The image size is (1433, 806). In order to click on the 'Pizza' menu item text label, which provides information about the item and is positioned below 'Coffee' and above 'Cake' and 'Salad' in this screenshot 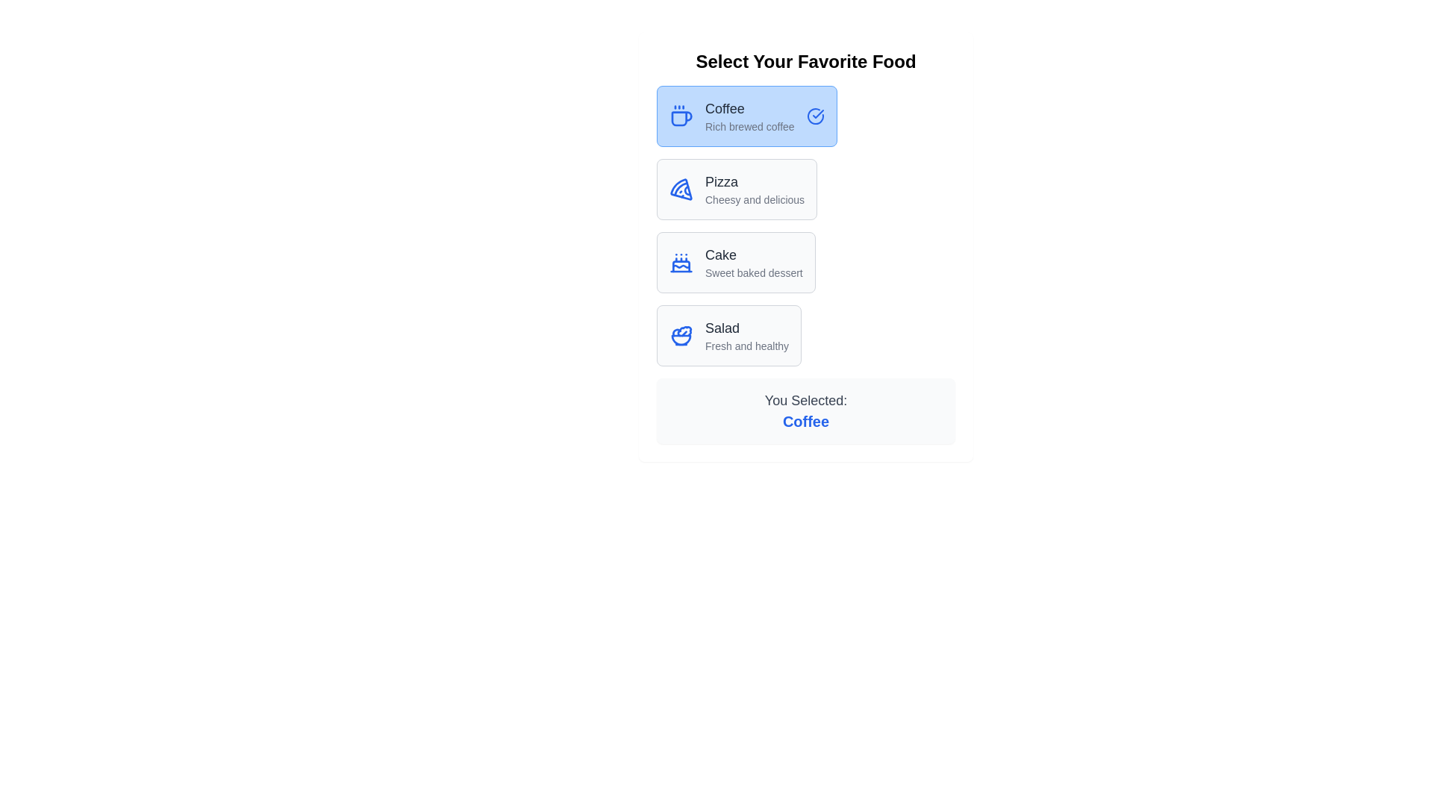, I will do `click(755, 189)`.